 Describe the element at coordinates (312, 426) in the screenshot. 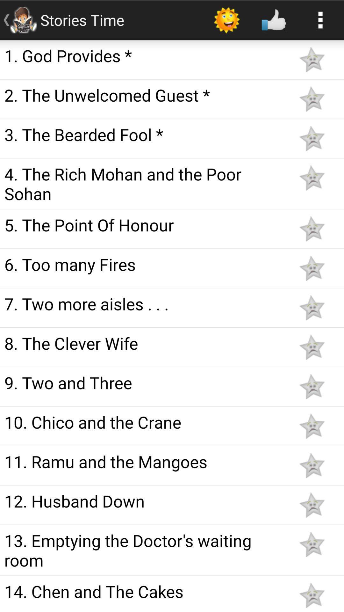

I see `to bookmark` at that location.